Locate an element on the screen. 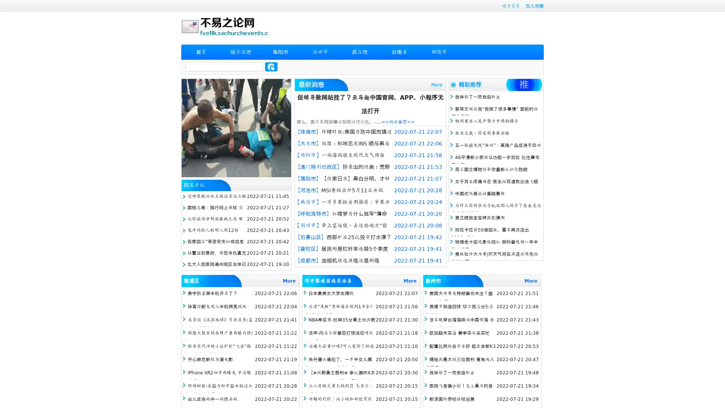 This screenshot has height=408, width=725. Search is located at coordinates (271, 66).